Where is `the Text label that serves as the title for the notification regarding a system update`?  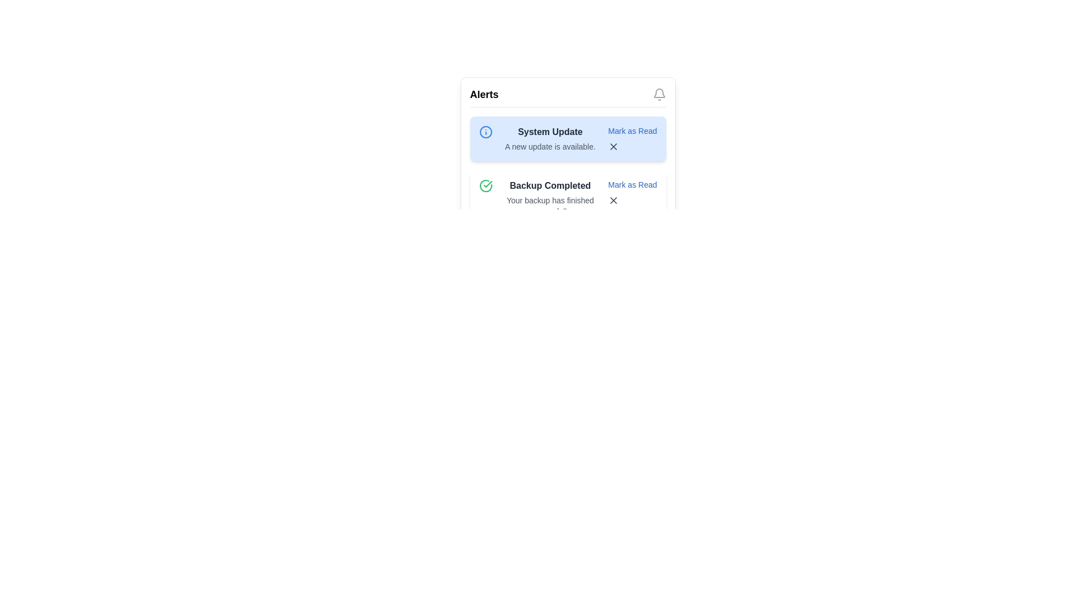
the Text label that serves as the title for the notification regarding a system update is located at coordinates (550, 131).